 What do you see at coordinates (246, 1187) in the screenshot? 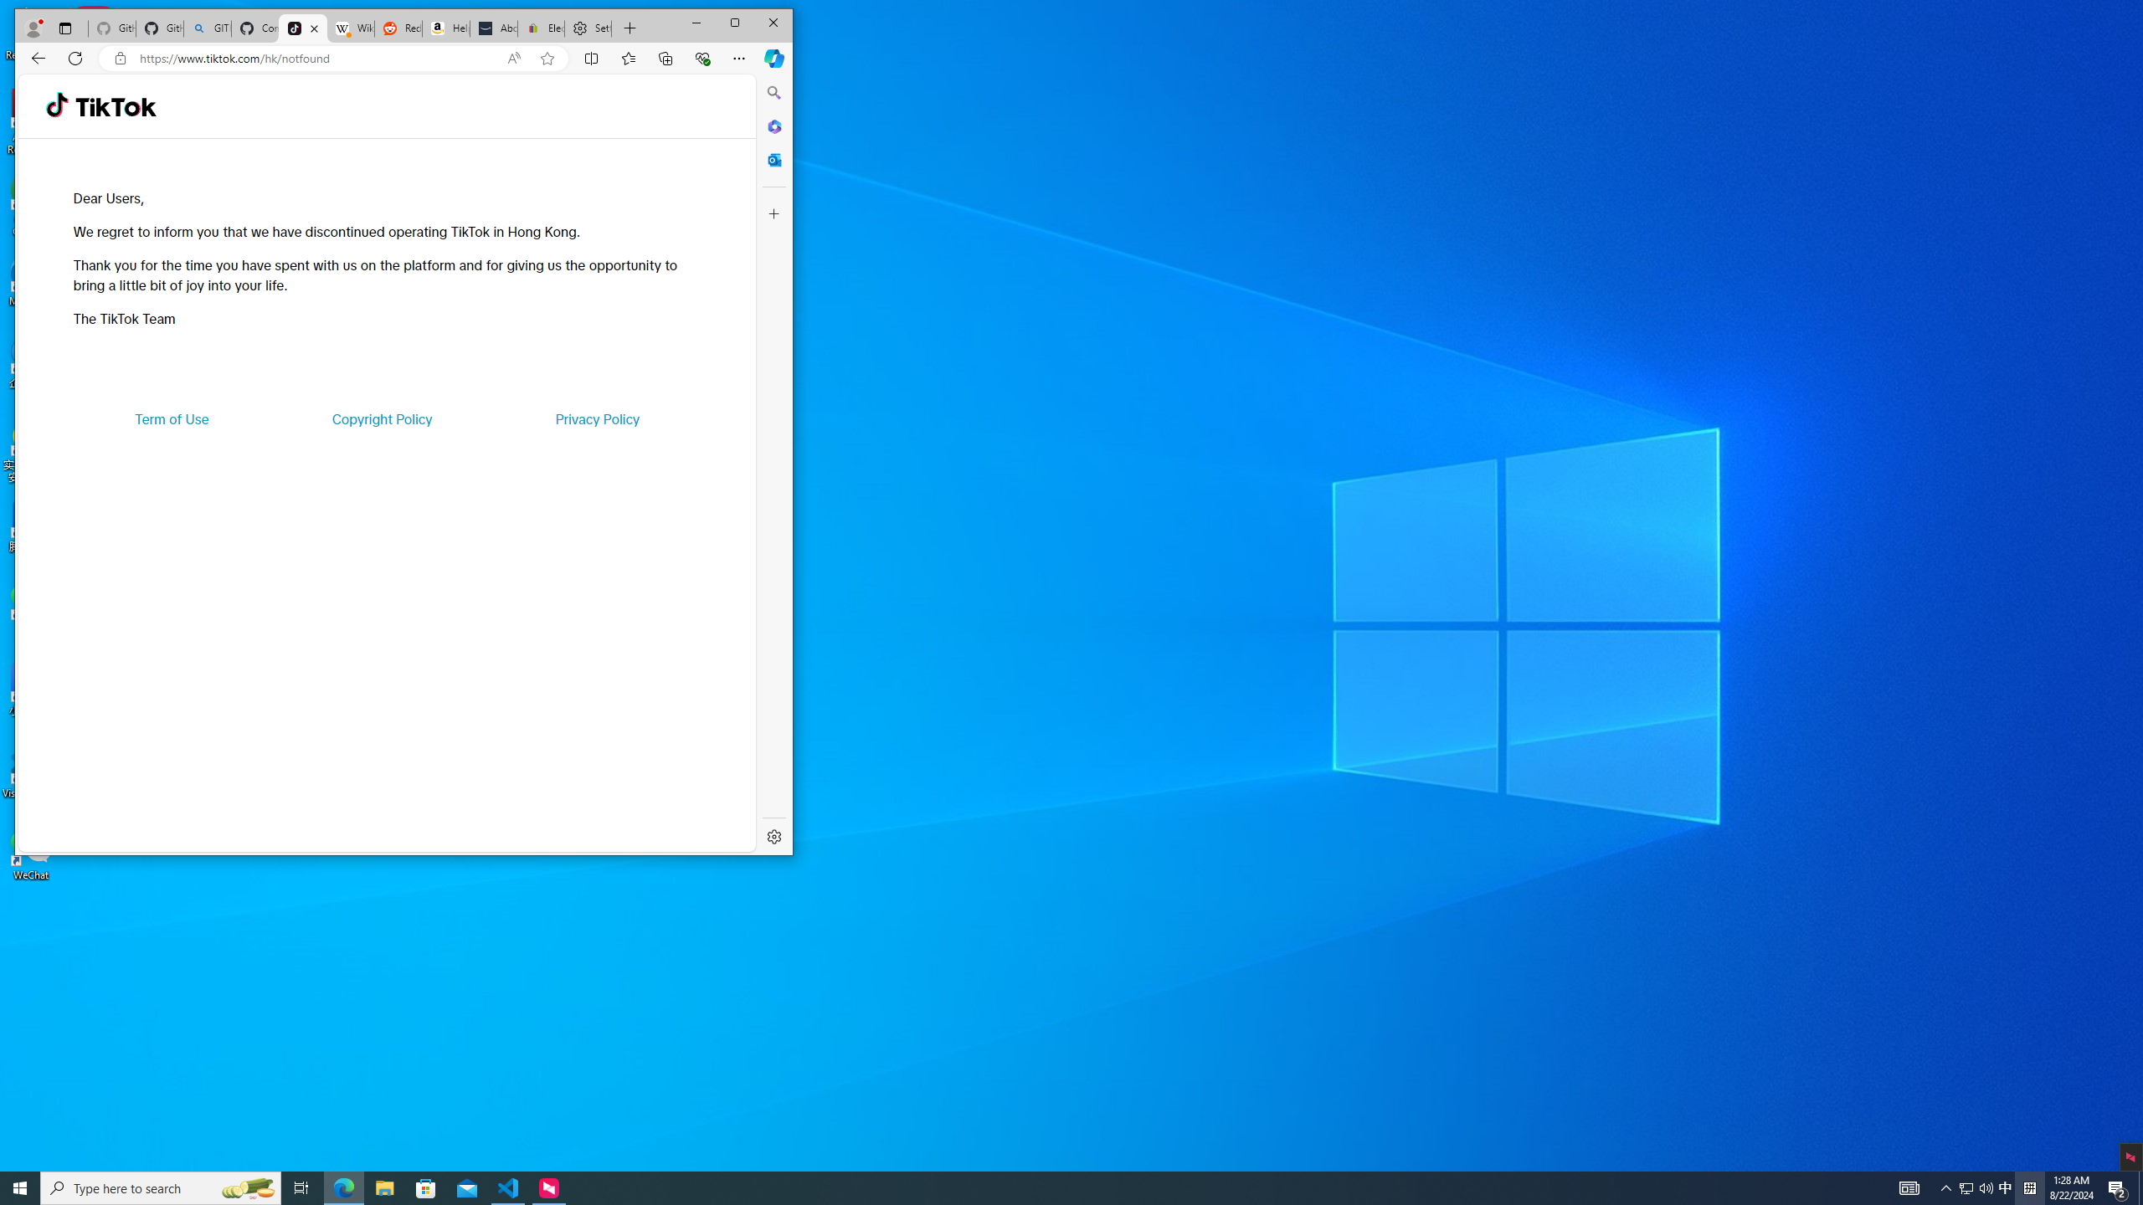
I see `'Search highlights icon opens search home window'` at bounding box center [246, 1187].